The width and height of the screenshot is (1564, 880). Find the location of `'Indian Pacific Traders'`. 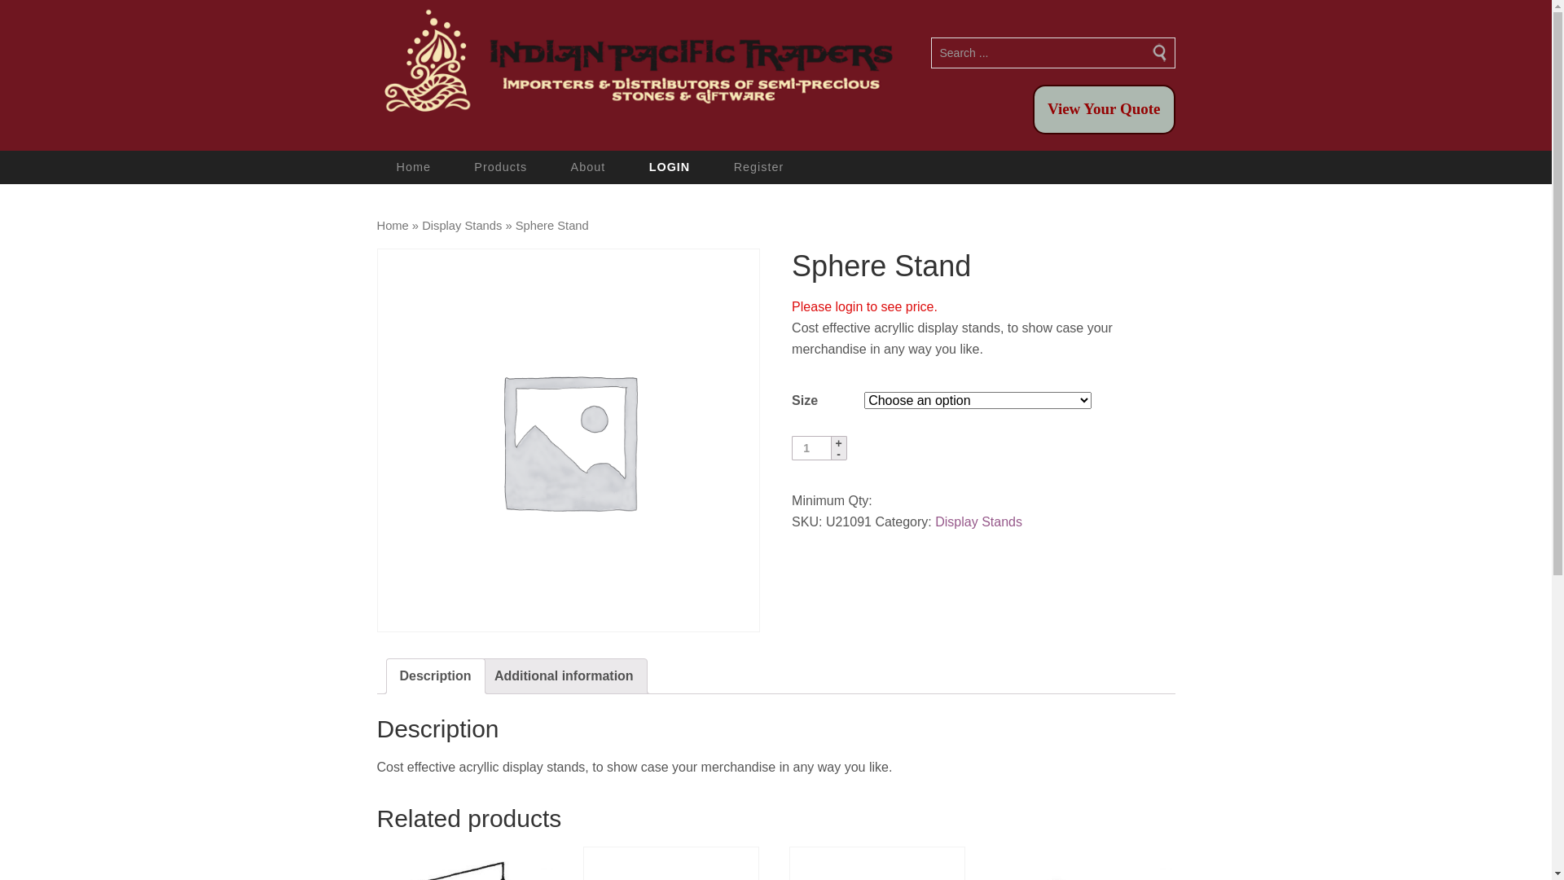

'Indian Pacific Traders' is located at coordinates (635, 64).